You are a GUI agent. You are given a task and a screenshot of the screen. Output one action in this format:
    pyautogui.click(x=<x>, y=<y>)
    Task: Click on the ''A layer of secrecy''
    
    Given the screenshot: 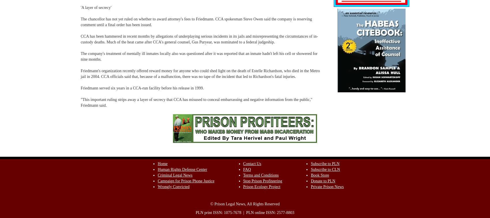 What is the action you would take?
    pyautogui.click(x=96, y=7)
    